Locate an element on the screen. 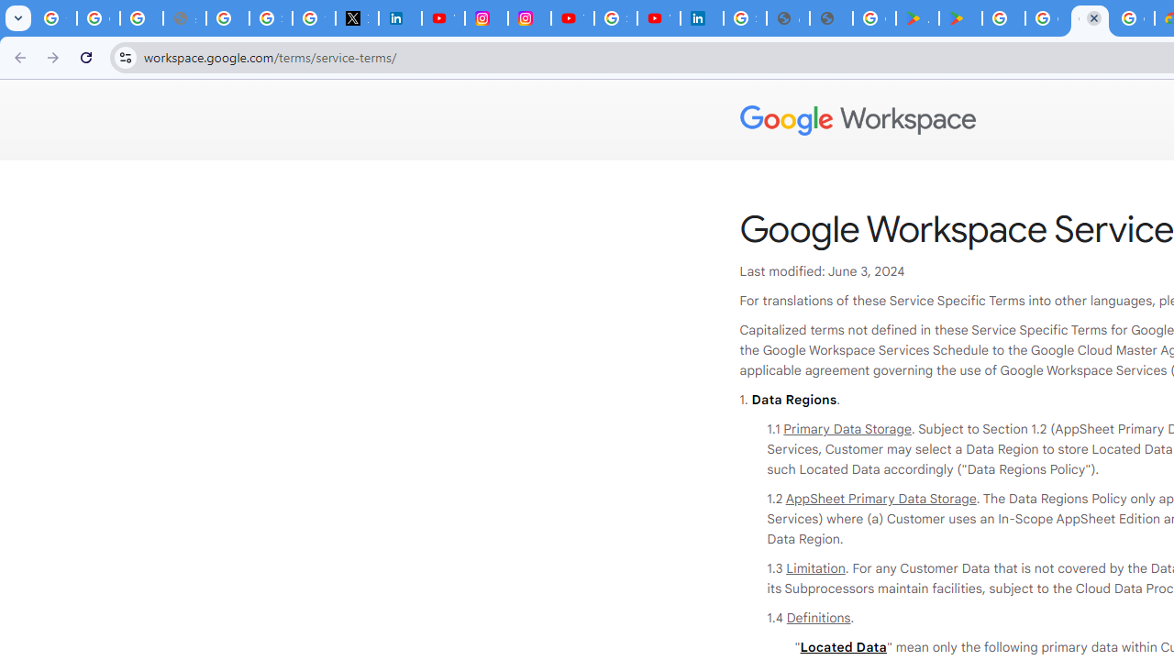 The image size is (1174, 660). 'Android Apps on Google Play' is located at coordinates (917, 18).